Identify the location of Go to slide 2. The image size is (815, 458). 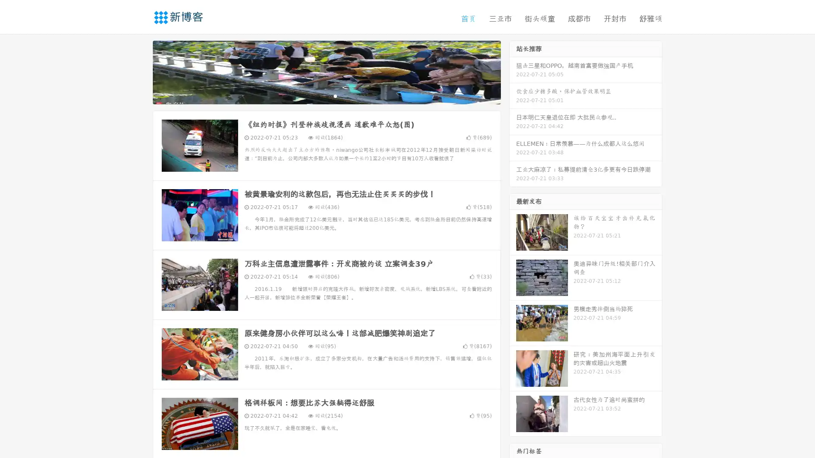
(326, 95).